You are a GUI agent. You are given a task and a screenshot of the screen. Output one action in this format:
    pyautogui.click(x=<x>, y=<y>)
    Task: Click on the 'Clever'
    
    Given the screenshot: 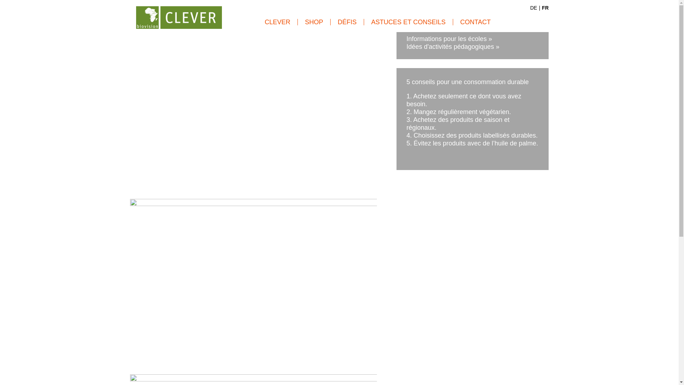 What is the action you would take?
    pyautogui.click(x=136, y=12)
    